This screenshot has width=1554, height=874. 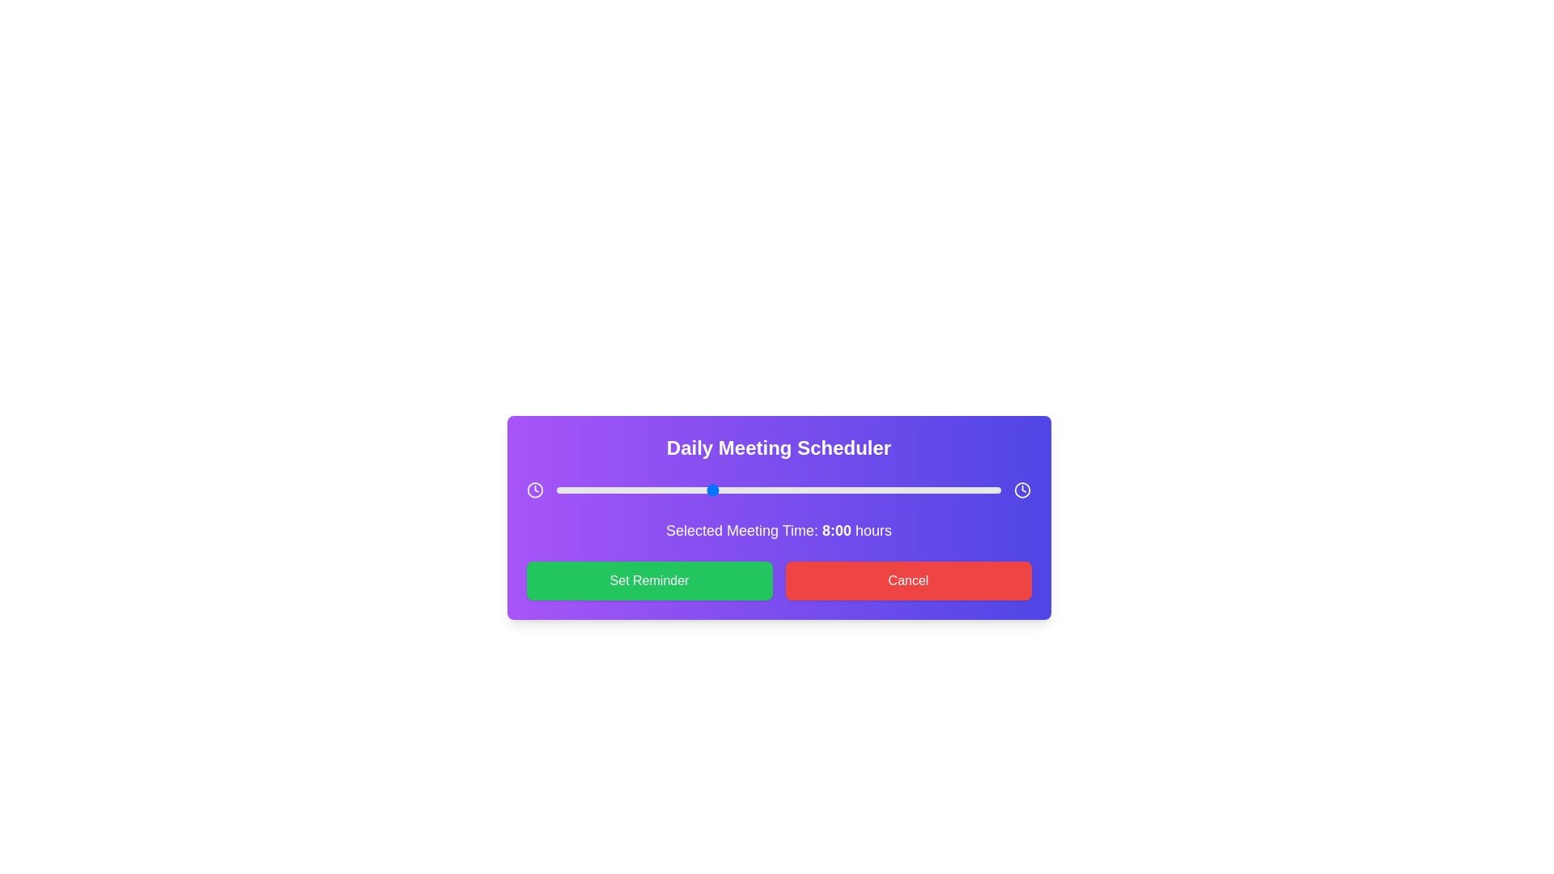 I want to click on the time slider to 22 hours, so click(x=981, y=489).